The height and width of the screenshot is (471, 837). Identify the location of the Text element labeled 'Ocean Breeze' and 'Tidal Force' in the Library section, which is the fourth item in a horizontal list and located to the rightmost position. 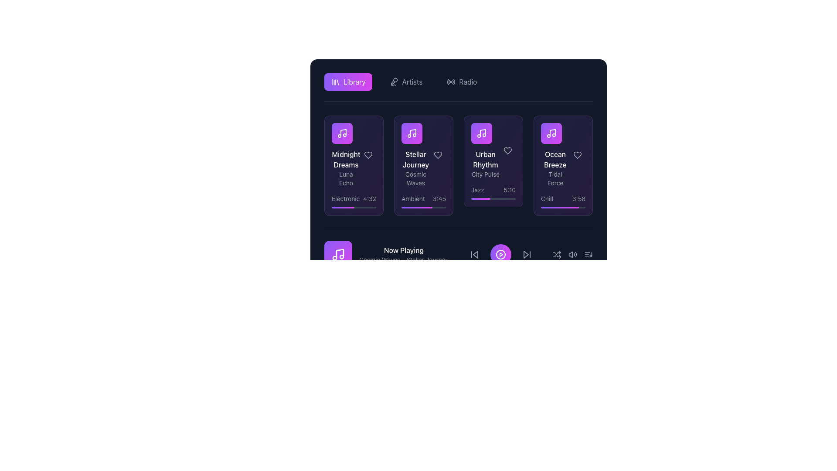
(555, 154).